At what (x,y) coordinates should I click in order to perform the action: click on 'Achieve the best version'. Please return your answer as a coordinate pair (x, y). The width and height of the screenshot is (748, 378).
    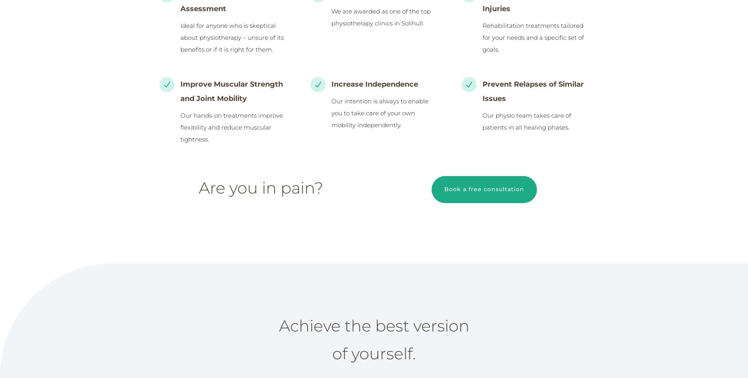
    Looking at the image, I should click on (374, 325).